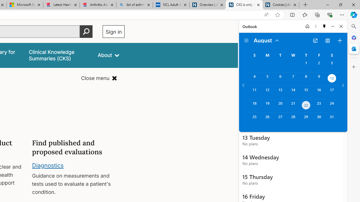  What do you see at coordinates (339, 40) in the screenshot?
I see `'Create event'` at bounding box center [339, 40].